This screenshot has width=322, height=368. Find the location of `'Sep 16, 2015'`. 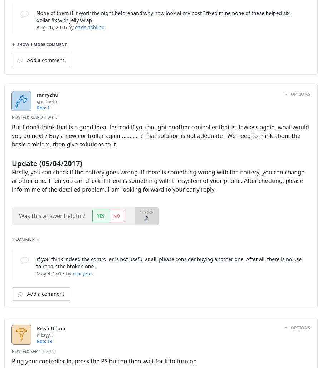

'Sep 16, 2015' is located at coordinates (29, 350).